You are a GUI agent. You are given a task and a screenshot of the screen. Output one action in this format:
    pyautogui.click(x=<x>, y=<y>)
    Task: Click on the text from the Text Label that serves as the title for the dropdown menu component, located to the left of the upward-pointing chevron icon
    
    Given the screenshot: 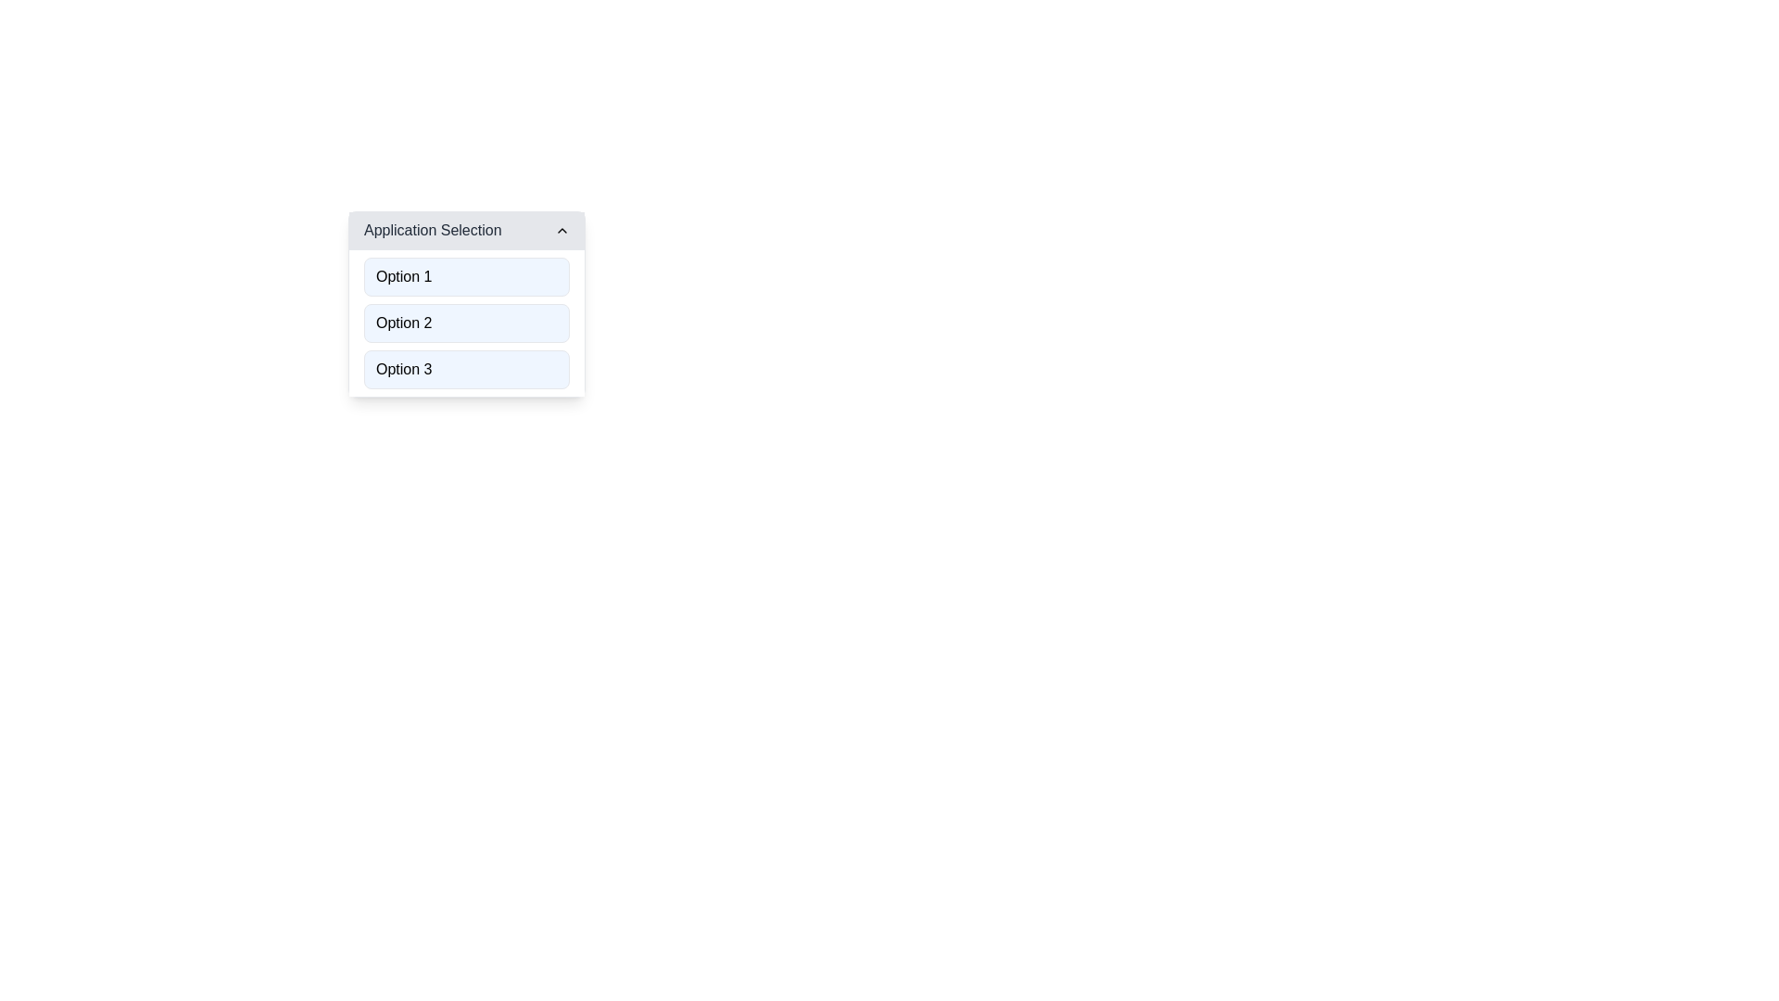 What is the action you would take?
    pyautogui.click(x=432, y=230)
    